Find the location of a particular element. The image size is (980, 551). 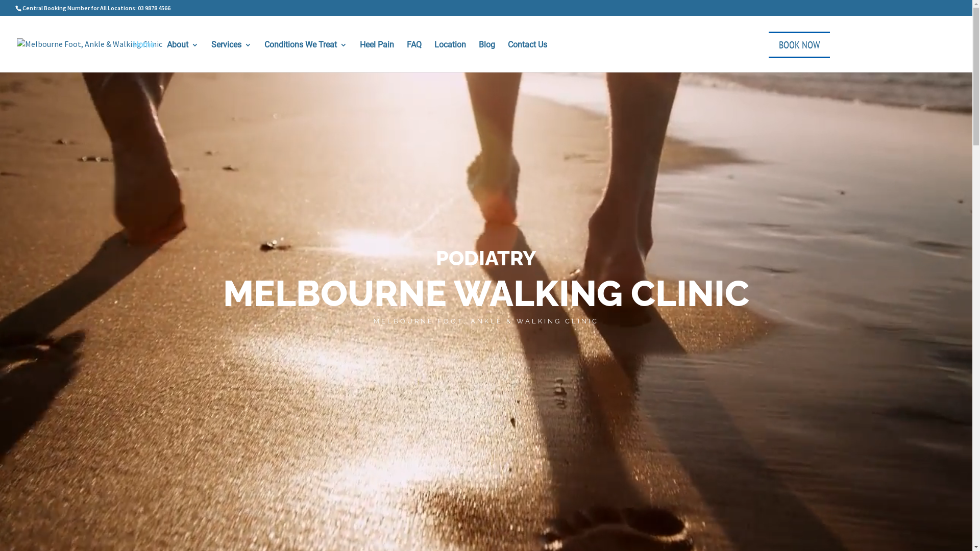

'About' is located at coordinates (183, 55).